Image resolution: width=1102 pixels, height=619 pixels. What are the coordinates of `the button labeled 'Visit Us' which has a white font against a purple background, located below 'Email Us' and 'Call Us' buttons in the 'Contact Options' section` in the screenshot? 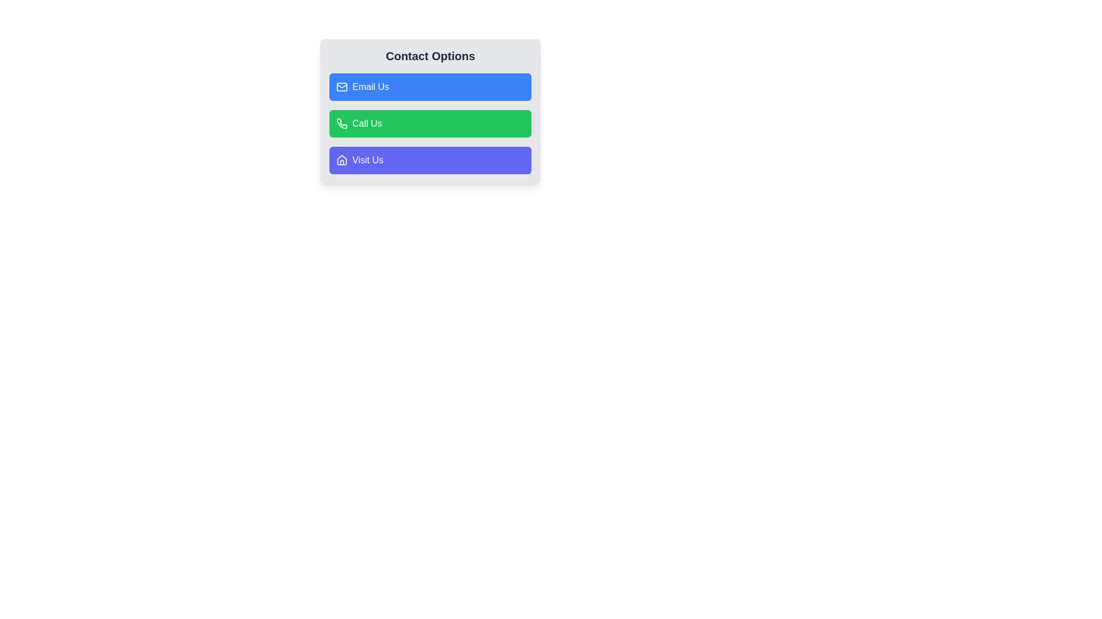 It's located at (367, 160).